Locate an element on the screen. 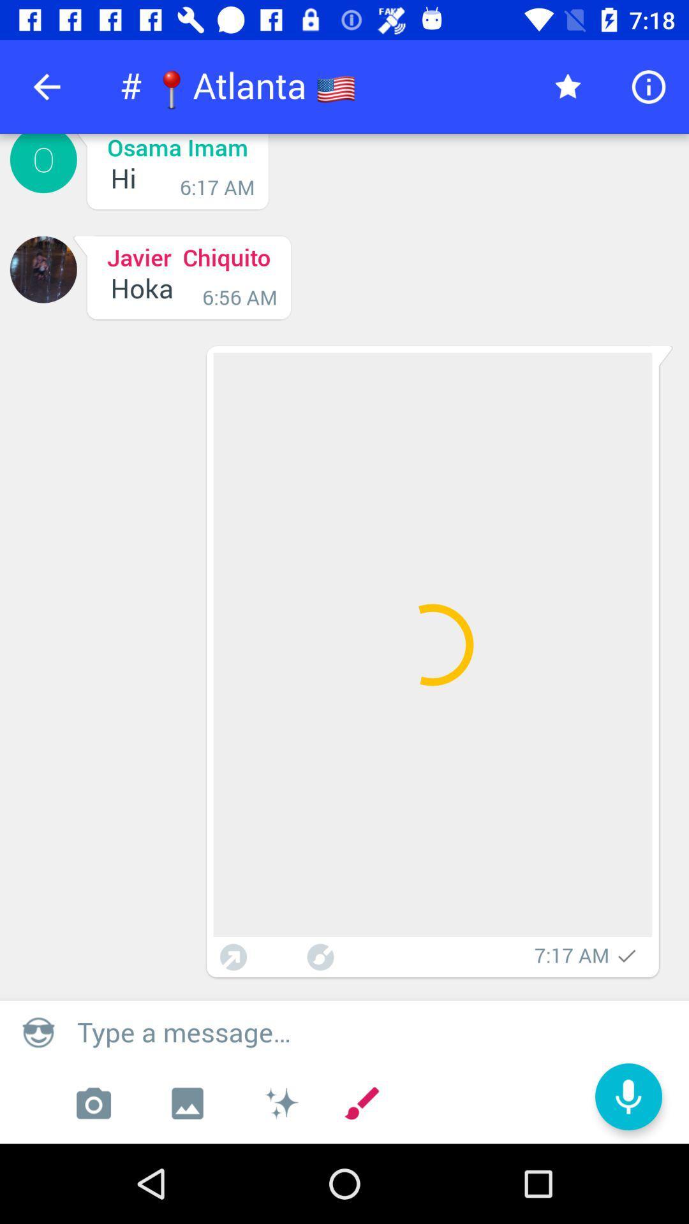 The width and height of the screenshot is (689, 1224). the photo icon is located at coordinates (93, 1103).